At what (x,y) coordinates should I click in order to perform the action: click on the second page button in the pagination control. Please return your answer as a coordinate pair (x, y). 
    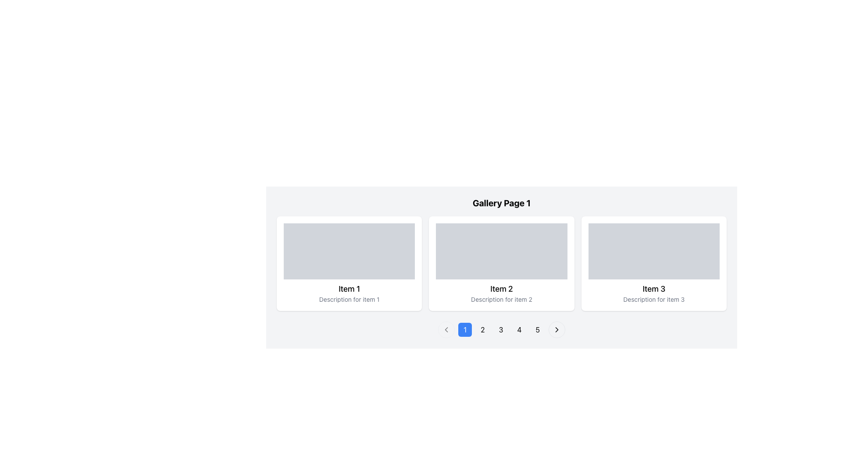
    Looking at the image, I should click on (482, 329).